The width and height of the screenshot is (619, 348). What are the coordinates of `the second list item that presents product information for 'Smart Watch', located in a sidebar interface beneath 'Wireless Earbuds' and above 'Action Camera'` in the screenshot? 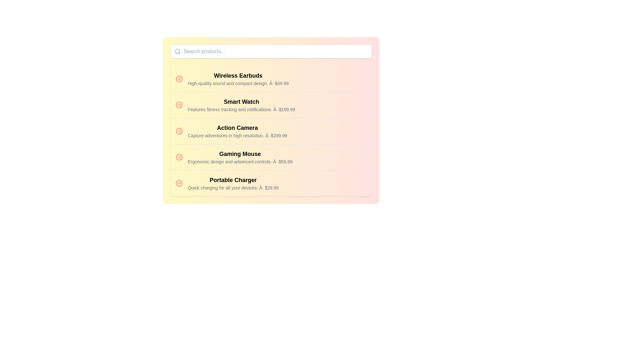 It's located at (241, 105).